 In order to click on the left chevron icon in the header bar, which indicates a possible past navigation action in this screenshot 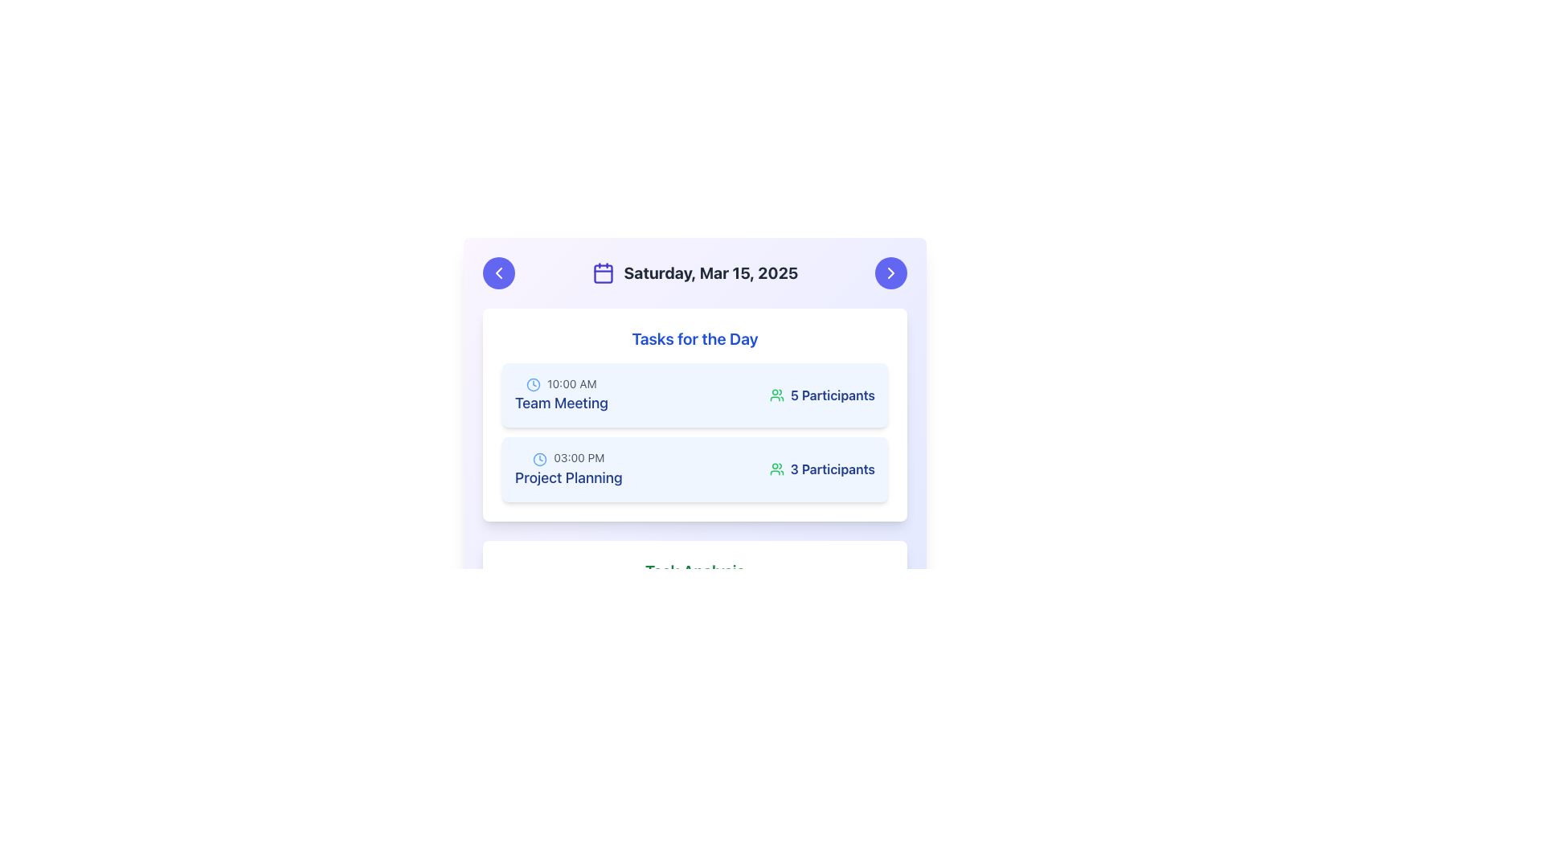, I will do `click(497, 272)`.